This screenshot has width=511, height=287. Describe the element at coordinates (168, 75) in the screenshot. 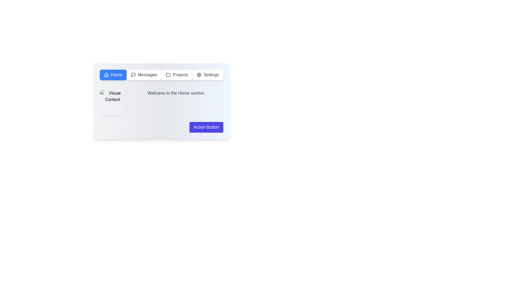

I see `the folder-shaped icon in the 'Projects' tab of the navigation row` at that location.